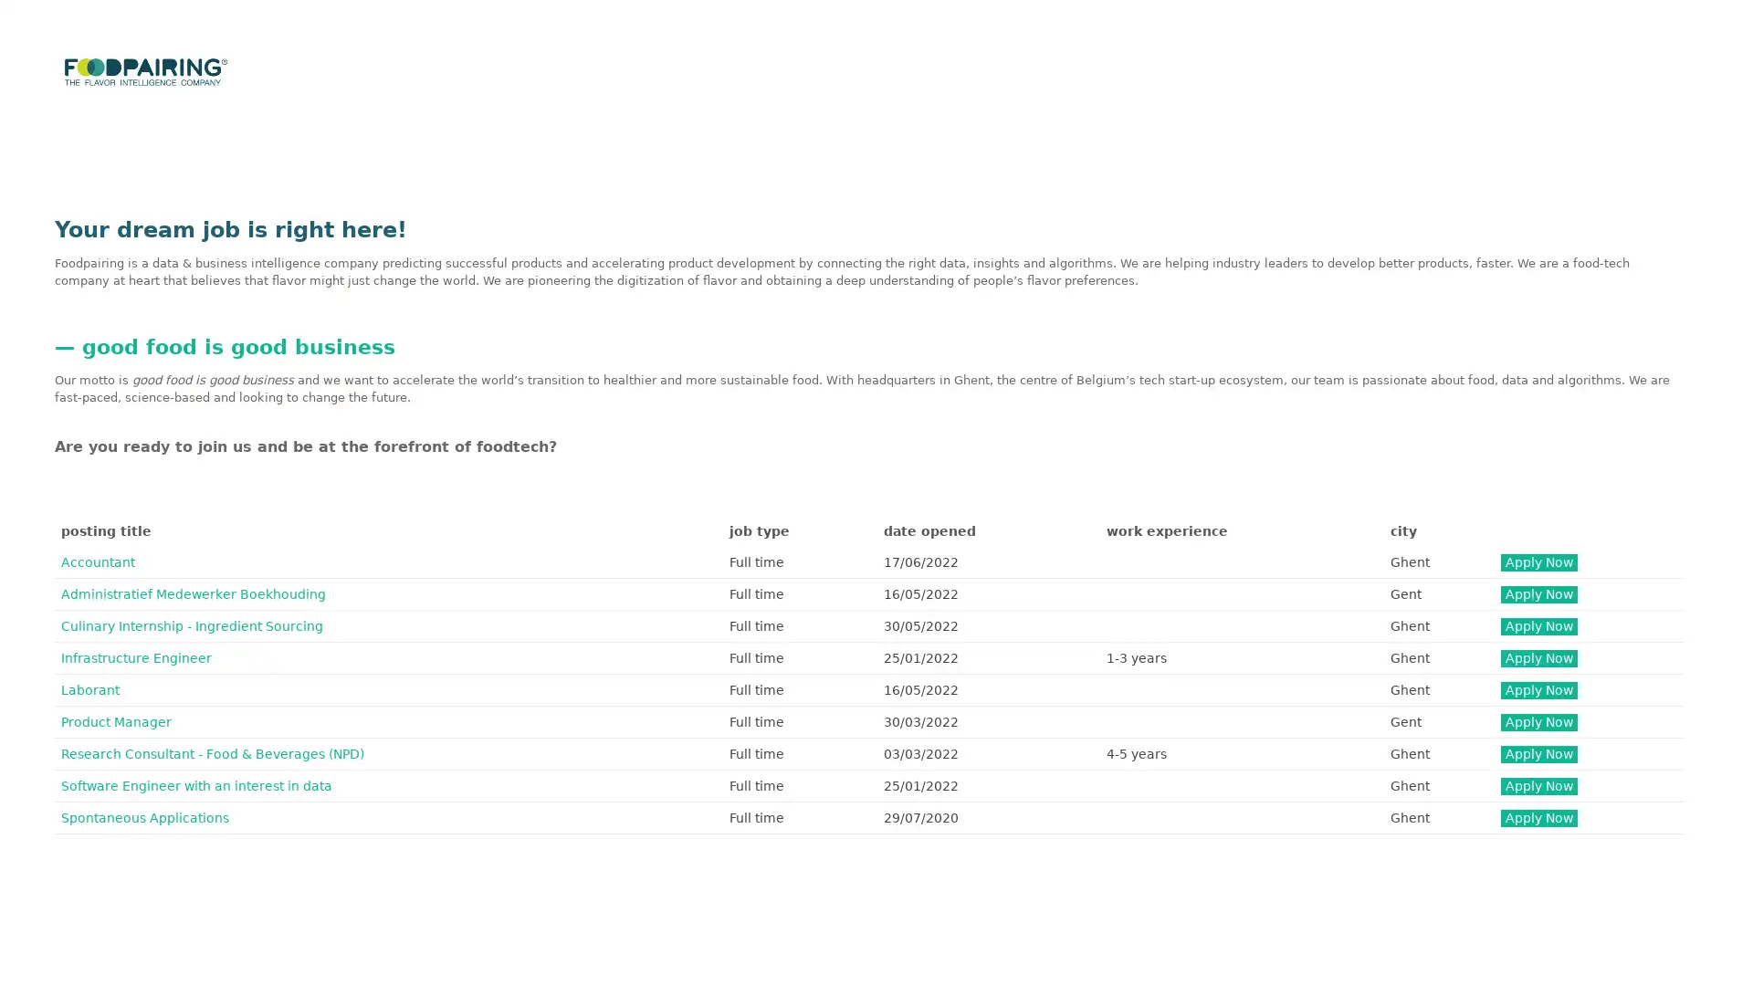  Describe the element at coordinates (1537, 560) in the screenshot. I see `Apply Now` at that location.